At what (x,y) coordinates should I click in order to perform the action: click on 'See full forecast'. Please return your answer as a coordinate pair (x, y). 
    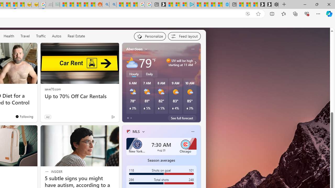
    Looking at the image, I should click on (182, 118).